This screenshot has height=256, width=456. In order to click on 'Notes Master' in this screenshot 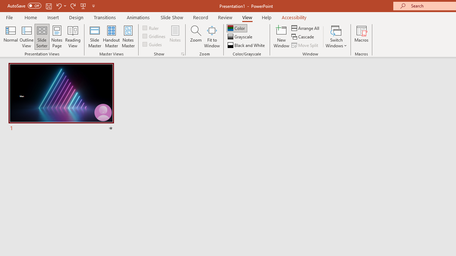, I will do `click(128, 37)`.